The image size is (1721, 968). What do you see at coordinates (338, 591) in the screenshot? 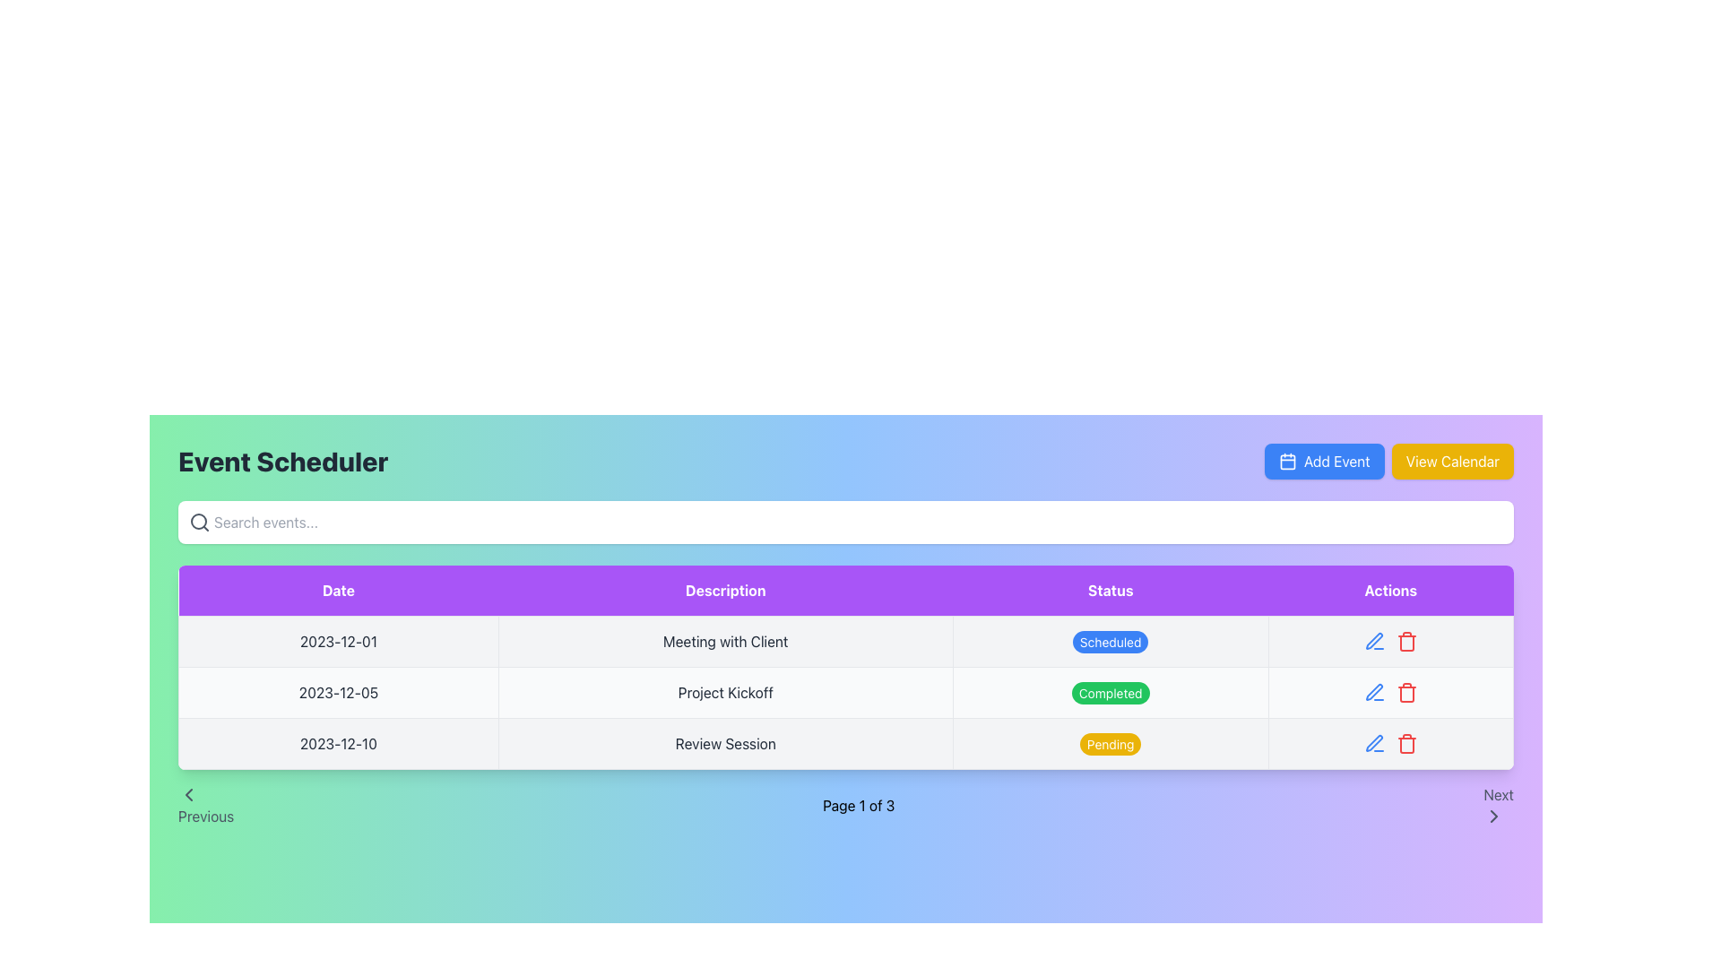
I see `the Table Column Header that indicates dates associated with listed events, located at the top-left section of the table` at bounding box center [338, 591].